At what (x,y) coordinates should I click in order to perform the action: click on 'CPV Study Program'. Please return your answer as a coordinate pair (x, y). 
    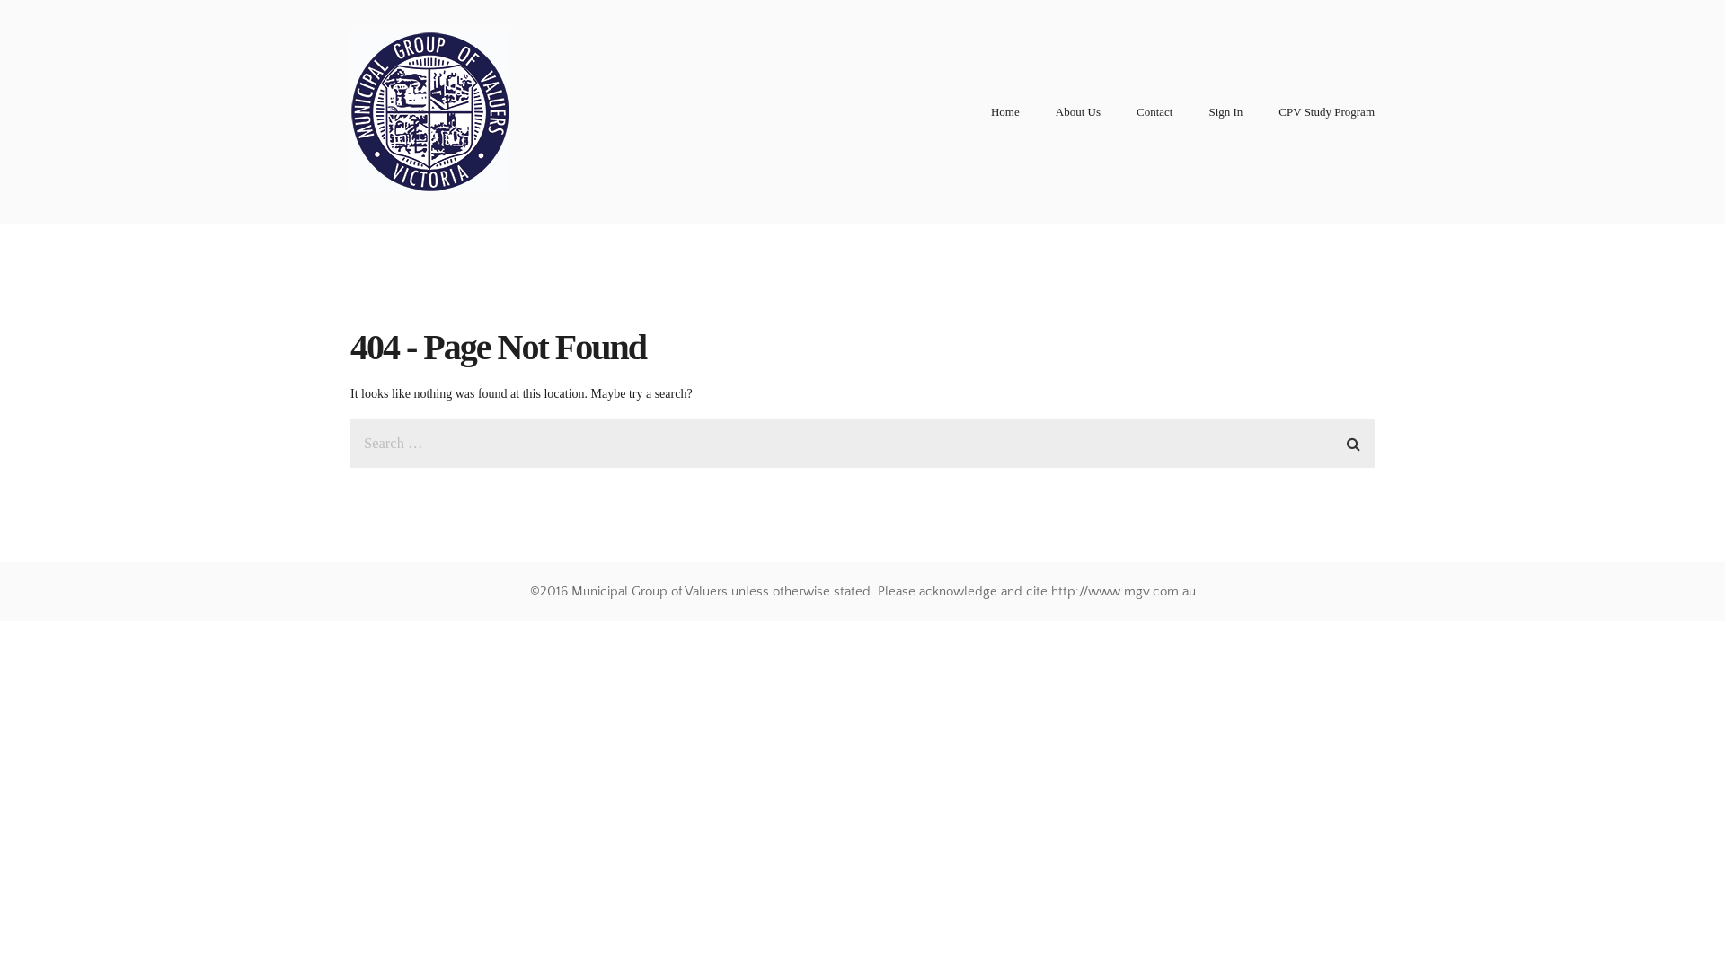
    Looking at the image, I should click on (1326, 111).